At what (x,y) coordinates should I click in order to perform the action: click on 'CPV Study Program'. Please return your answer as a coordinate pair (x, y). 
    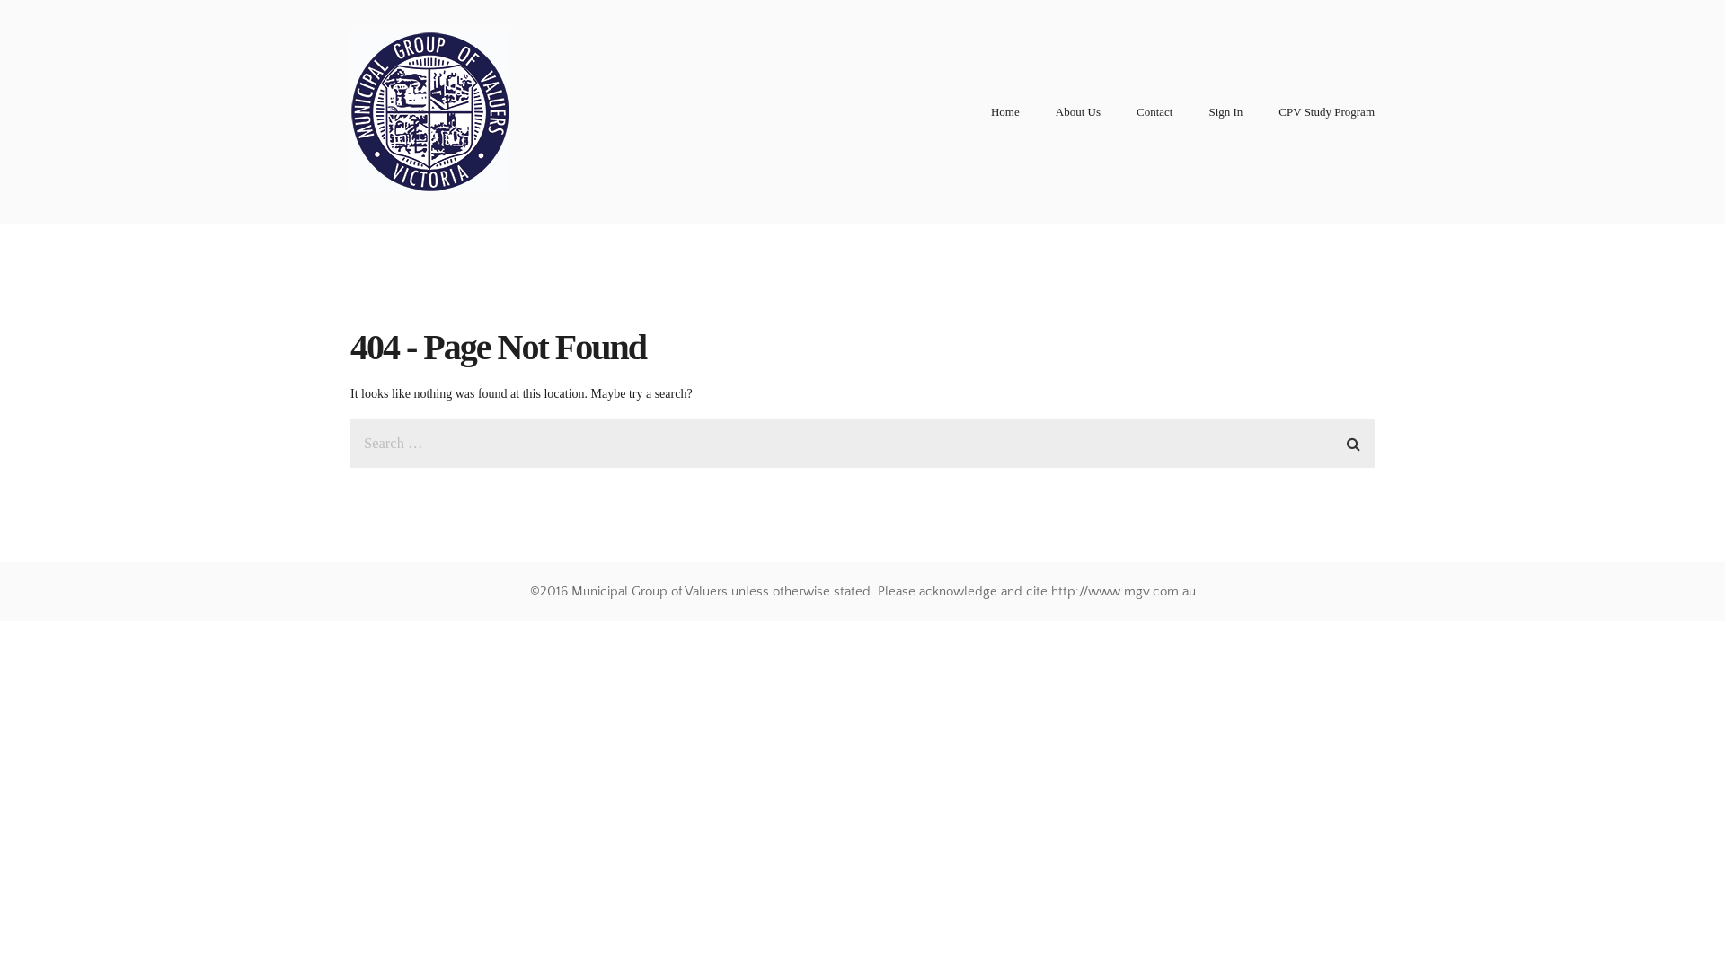
    Looking at the image, I should click on (1326, 111).